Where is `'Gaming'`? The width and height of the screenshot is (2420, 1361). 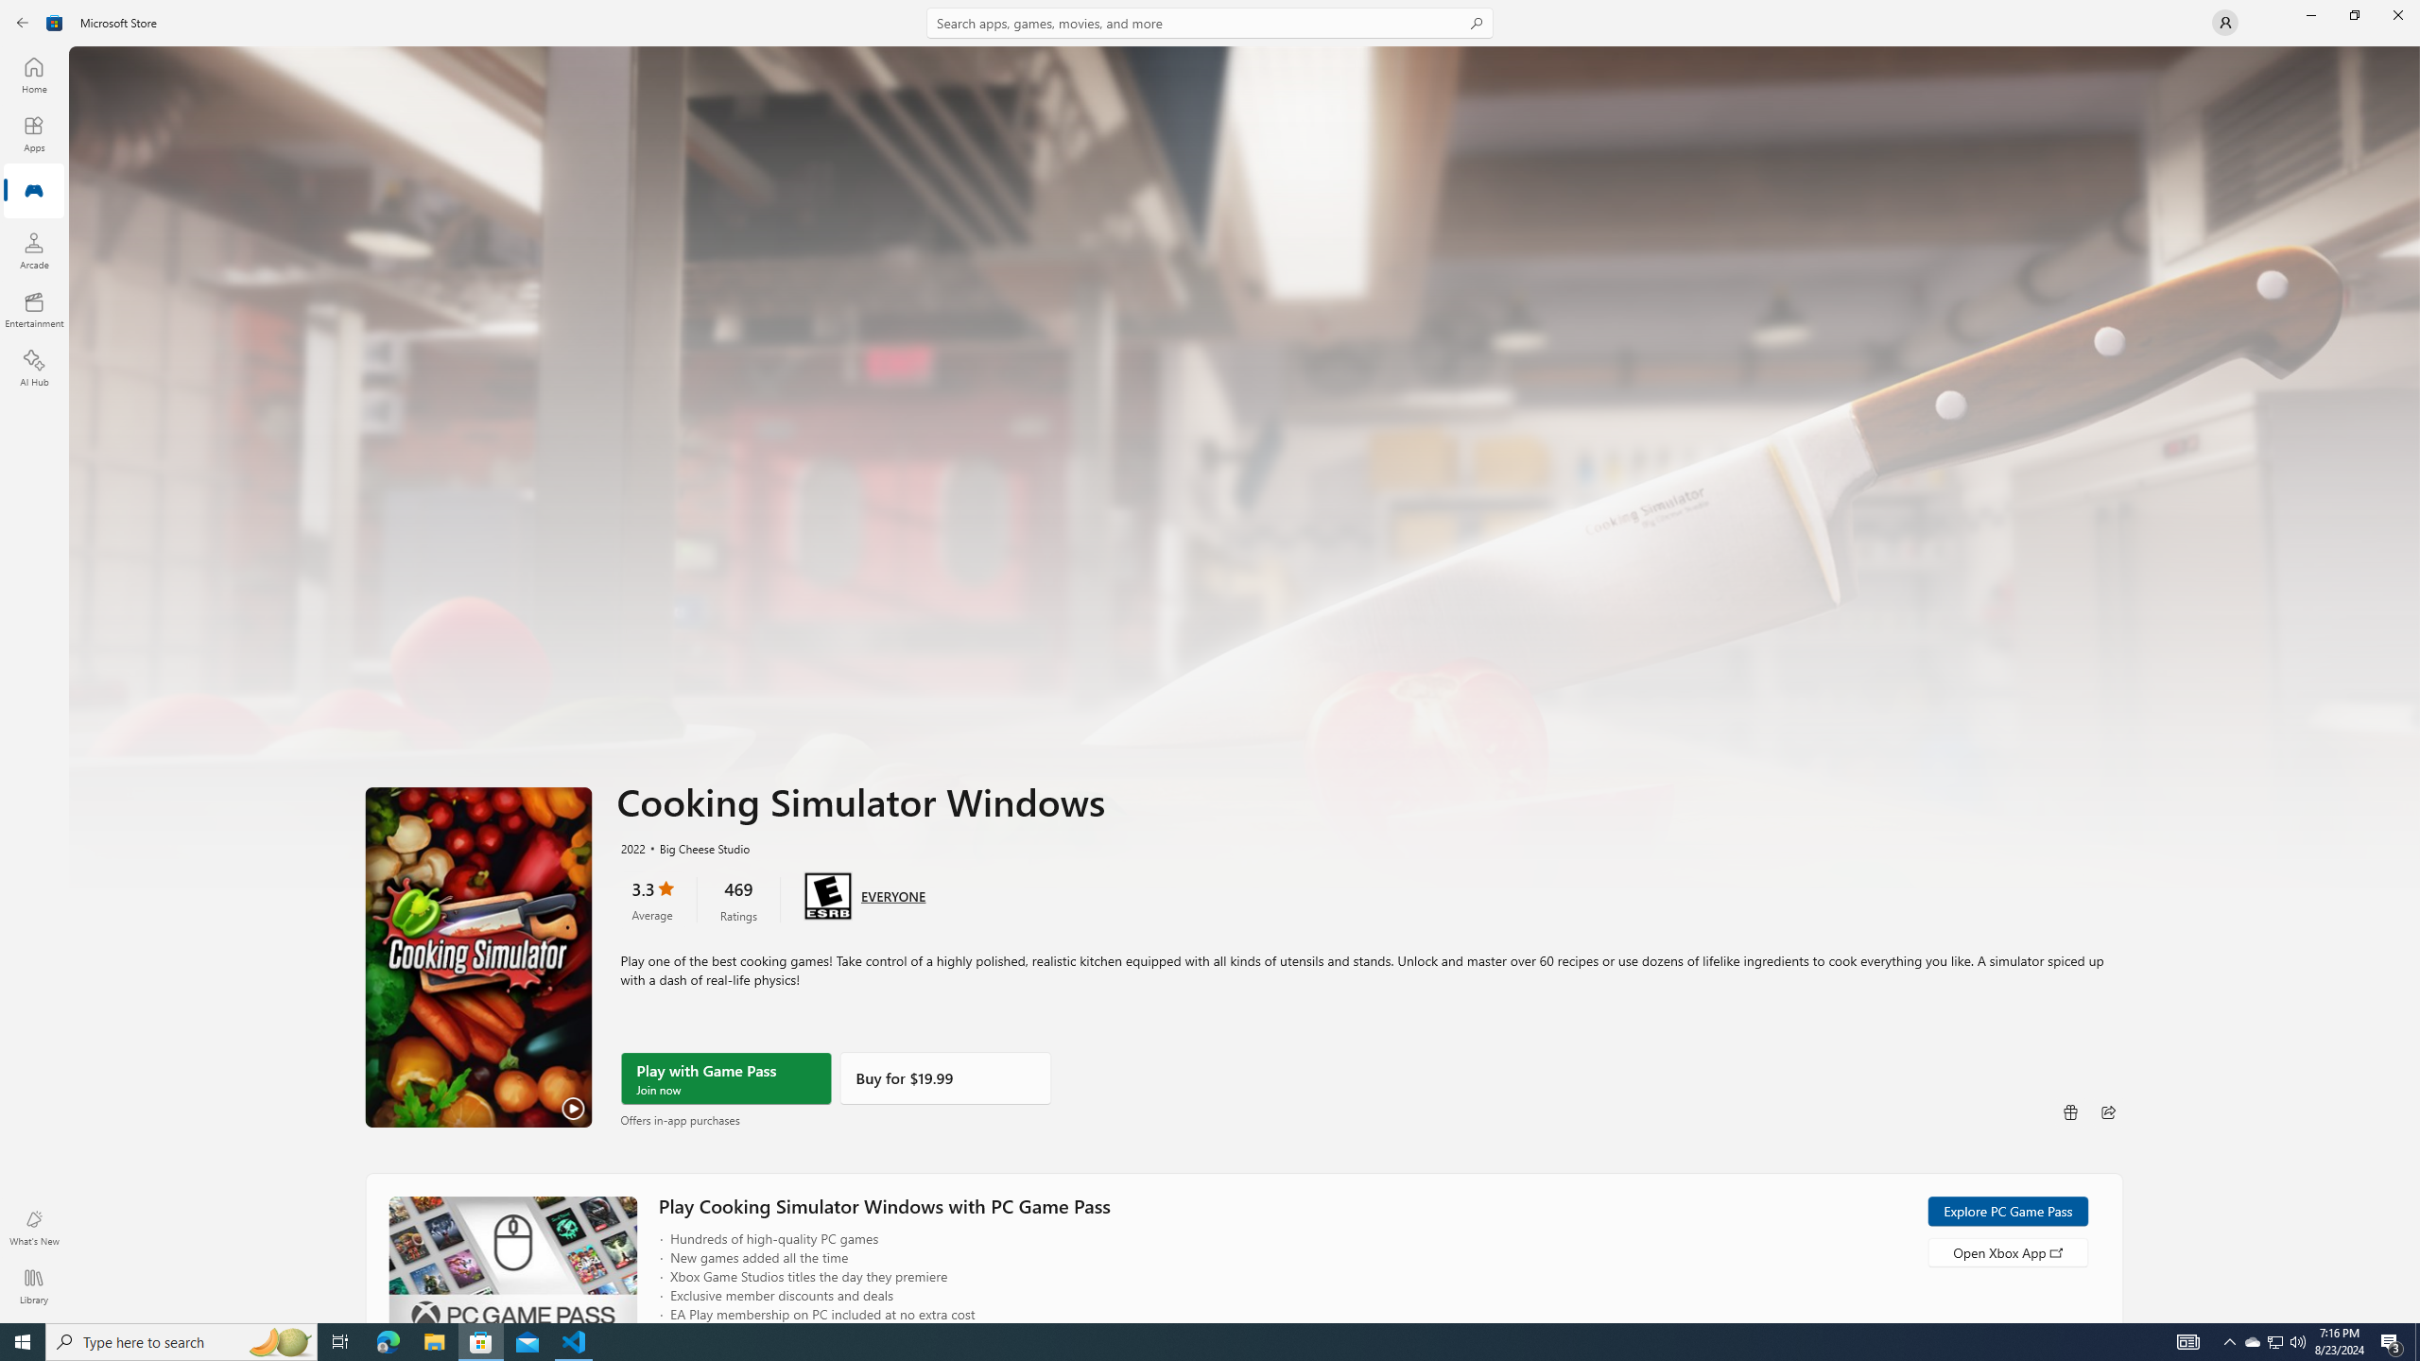 'Gaming' is located at coordinates (32, 191).